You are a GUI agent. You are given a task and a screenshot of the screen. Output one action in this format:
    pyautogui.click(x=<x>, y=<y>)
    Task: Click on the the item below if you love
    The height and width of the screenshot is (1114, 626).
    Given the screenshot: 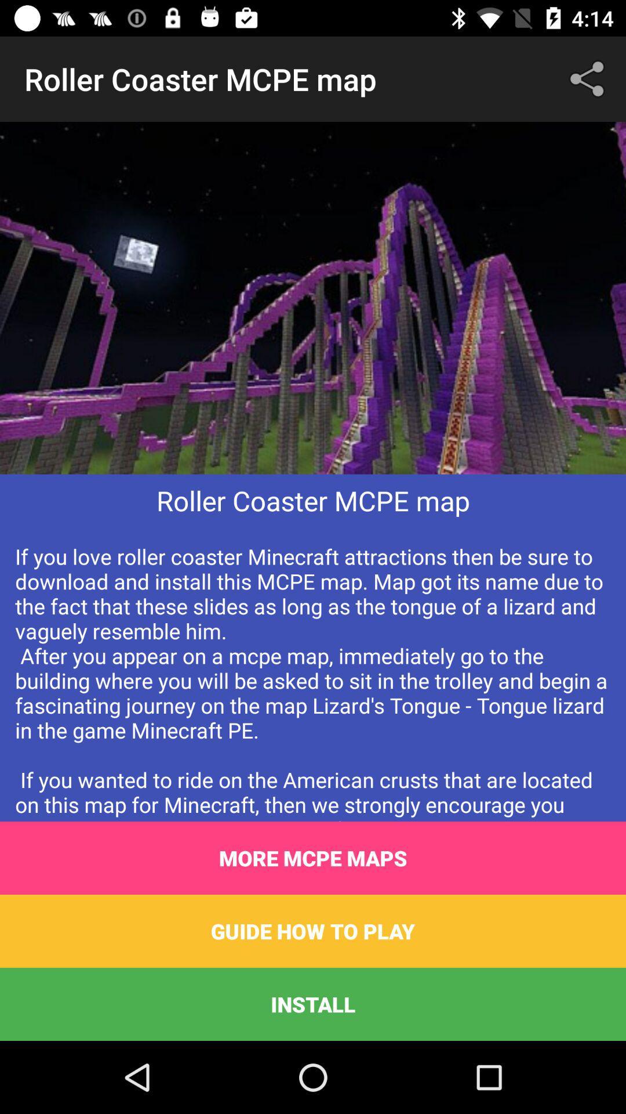 What is the action you would take?
    pyautogui.click(x=313, y=858)
    